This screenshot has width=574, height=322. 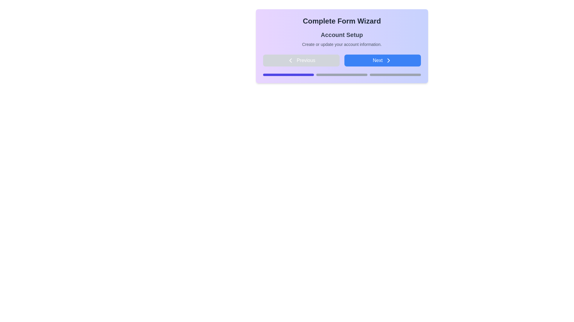 What do you see at coordinates (342, 44) in the screenshot?
I see `the label displaying 'Create or update your account information.' which is located beneath the 'Account Setup' heading` at bounding box center [342, 44].